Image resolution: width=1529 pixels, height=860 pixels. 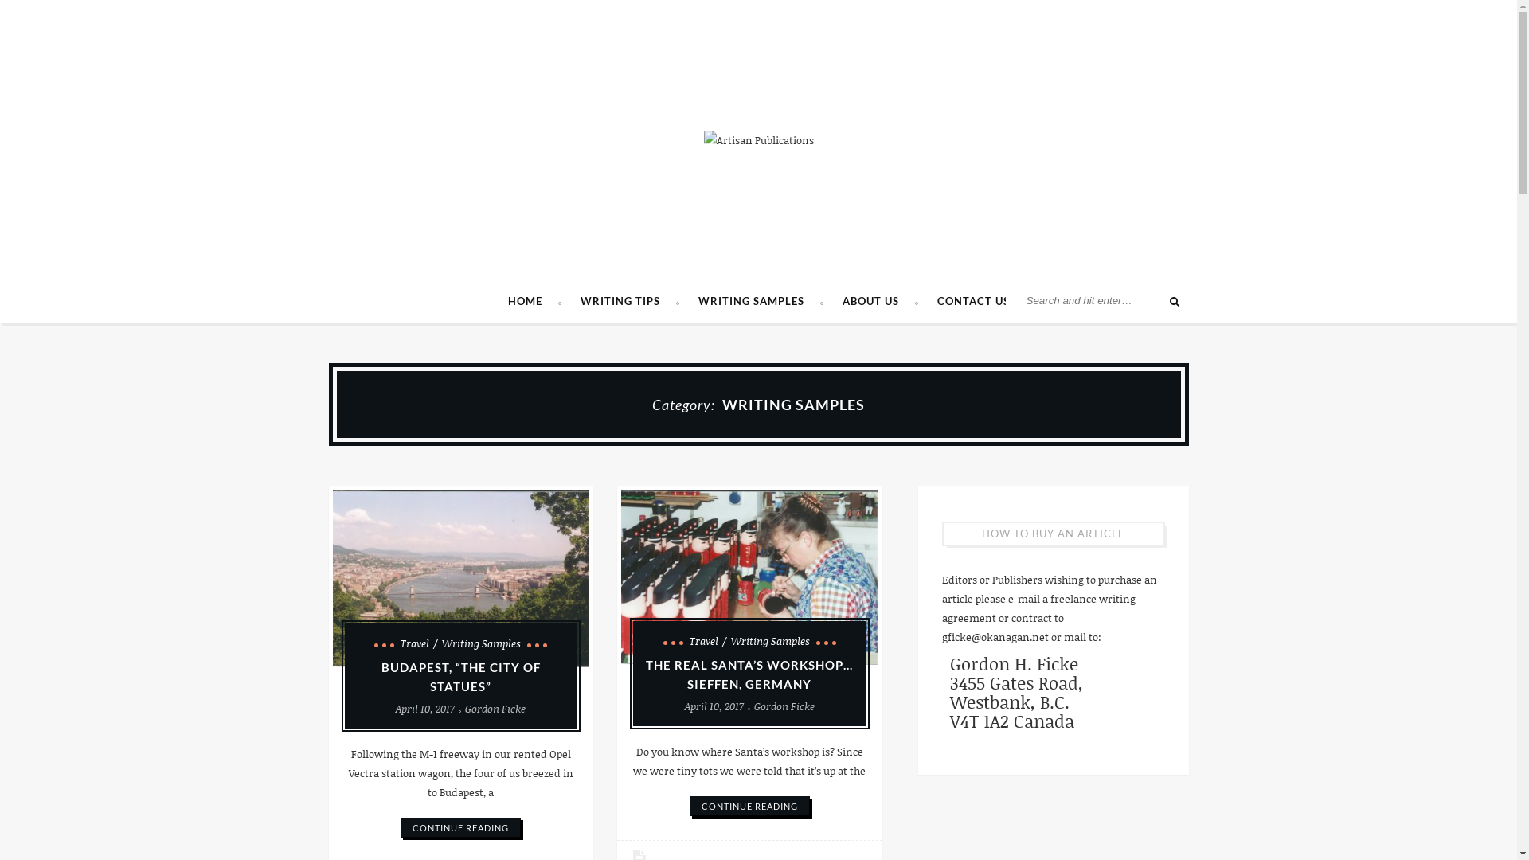 What do you see at coordinates (993, 635) in the screenshot?
I see `'gficke@okanagan.net'` at bounding box center [993, 635].